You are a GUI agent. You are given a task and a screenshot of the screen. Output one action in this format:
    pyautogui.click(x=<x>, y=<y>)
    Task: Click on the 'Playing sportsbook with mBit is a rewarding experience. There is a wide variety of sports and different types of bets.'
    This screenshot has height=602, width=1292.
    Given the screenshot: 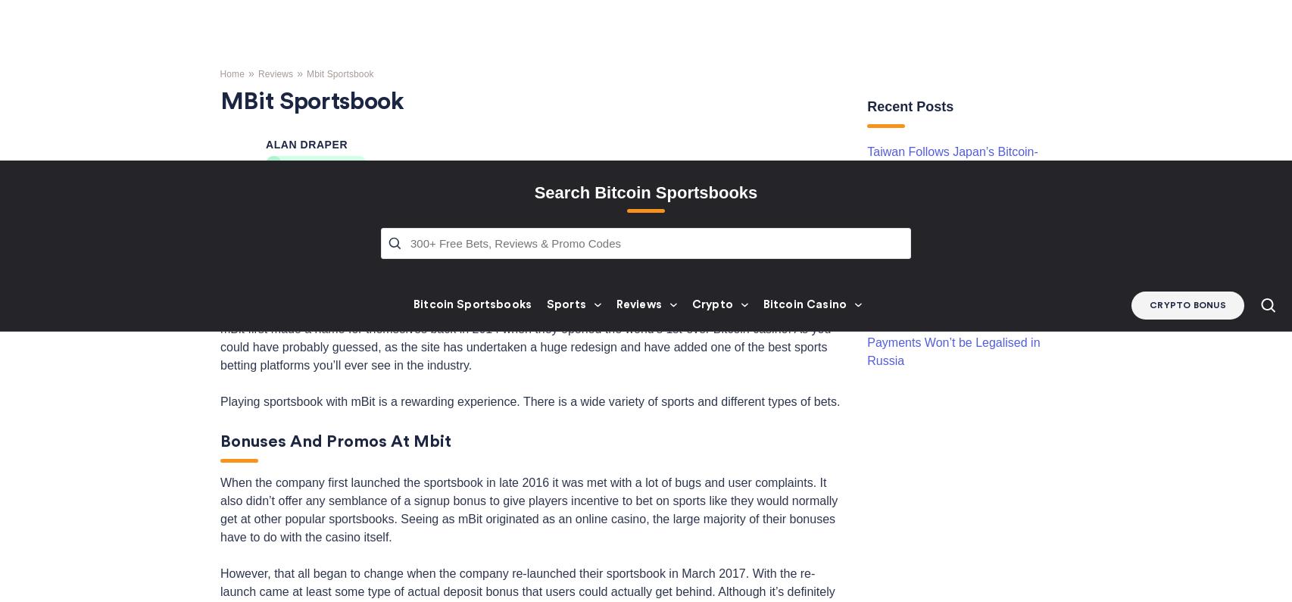 What is the action you would take?
    pyautogui.click(x=220, y=122)
    